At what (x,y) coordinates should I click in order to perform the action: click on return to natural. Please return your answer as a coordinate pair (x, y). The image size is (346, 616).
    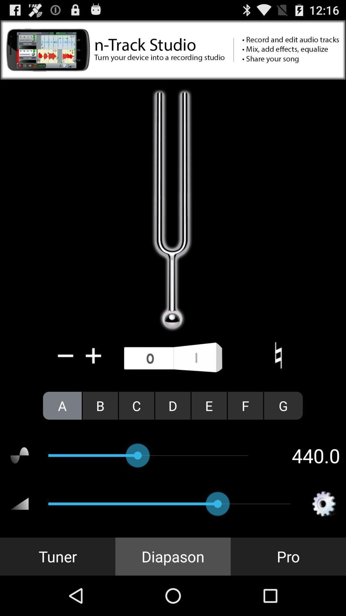
    Looking at the image, I should click on (278, 355).